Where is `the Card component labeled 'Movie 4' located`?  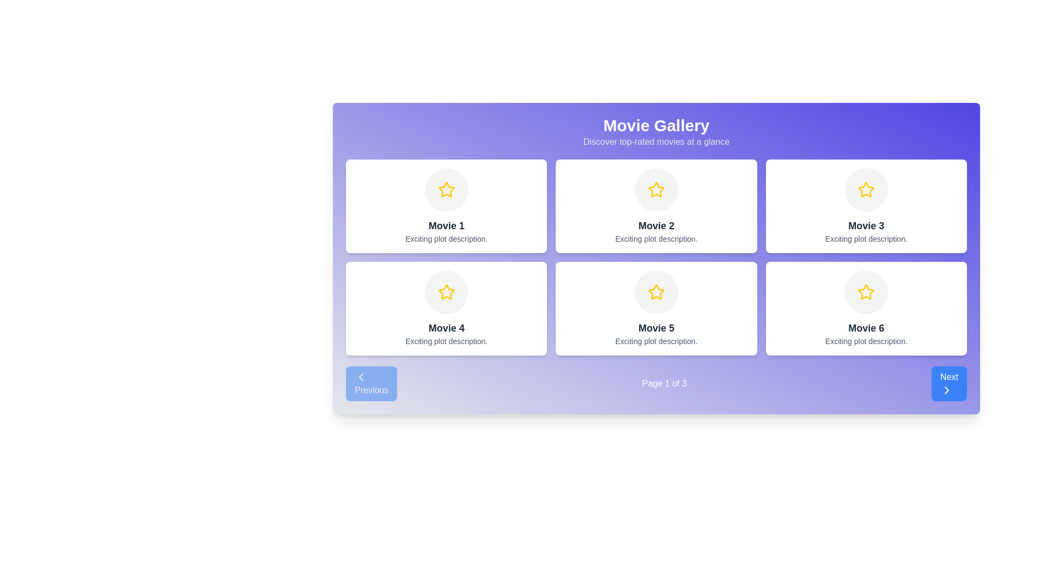
the Card component labeled 'Movie 4' located is located at coordinates (446, 309).